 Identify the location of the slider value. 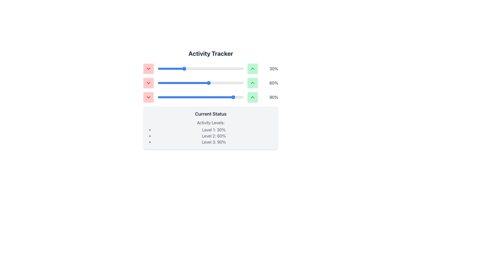
(237, 97).